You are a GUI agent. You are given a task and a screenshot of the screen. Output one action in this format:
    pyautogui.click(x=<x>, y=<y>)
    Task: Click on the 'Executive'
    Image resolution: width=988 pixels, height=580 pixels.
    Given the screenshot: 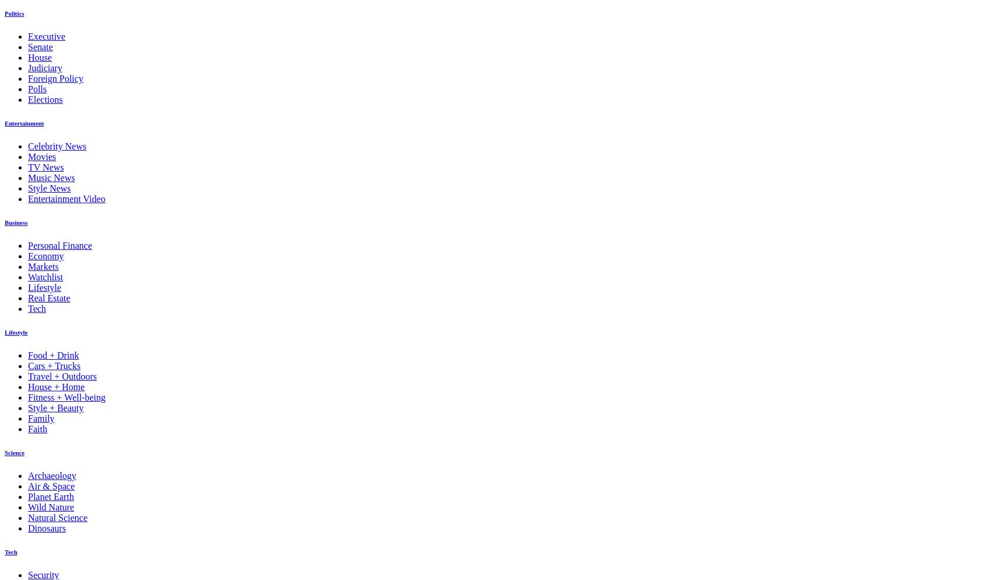 What is the action you would take?
    pyautogui.click(x=46, y=36)
    